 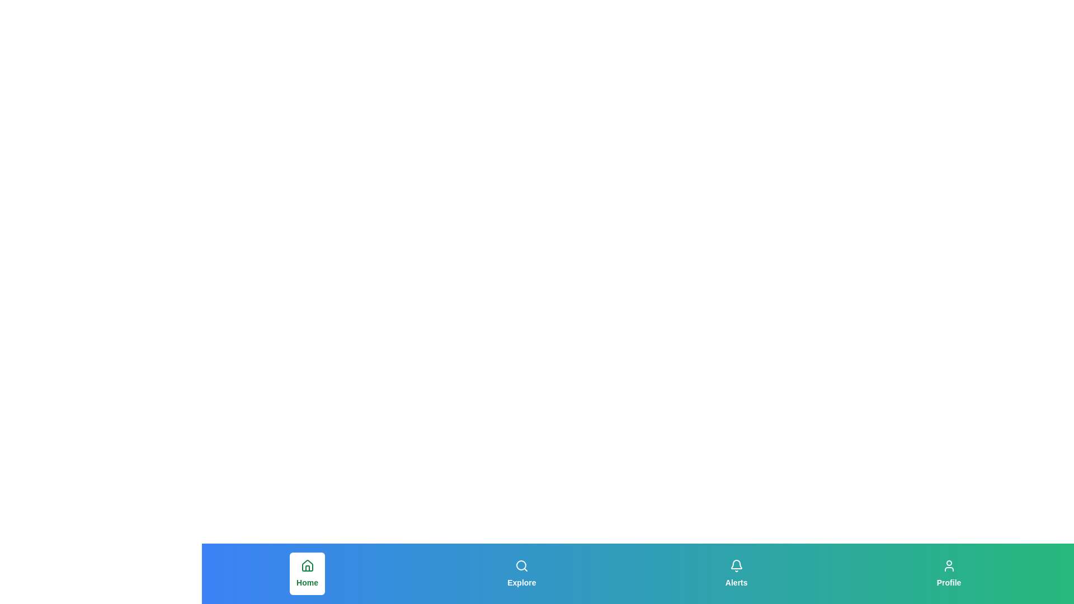 What do you see at coordinates (948, 574) in the screenshot?
I see `the button labeled 'Profile' to observe its hover effect` at bounding box center [948, 574].